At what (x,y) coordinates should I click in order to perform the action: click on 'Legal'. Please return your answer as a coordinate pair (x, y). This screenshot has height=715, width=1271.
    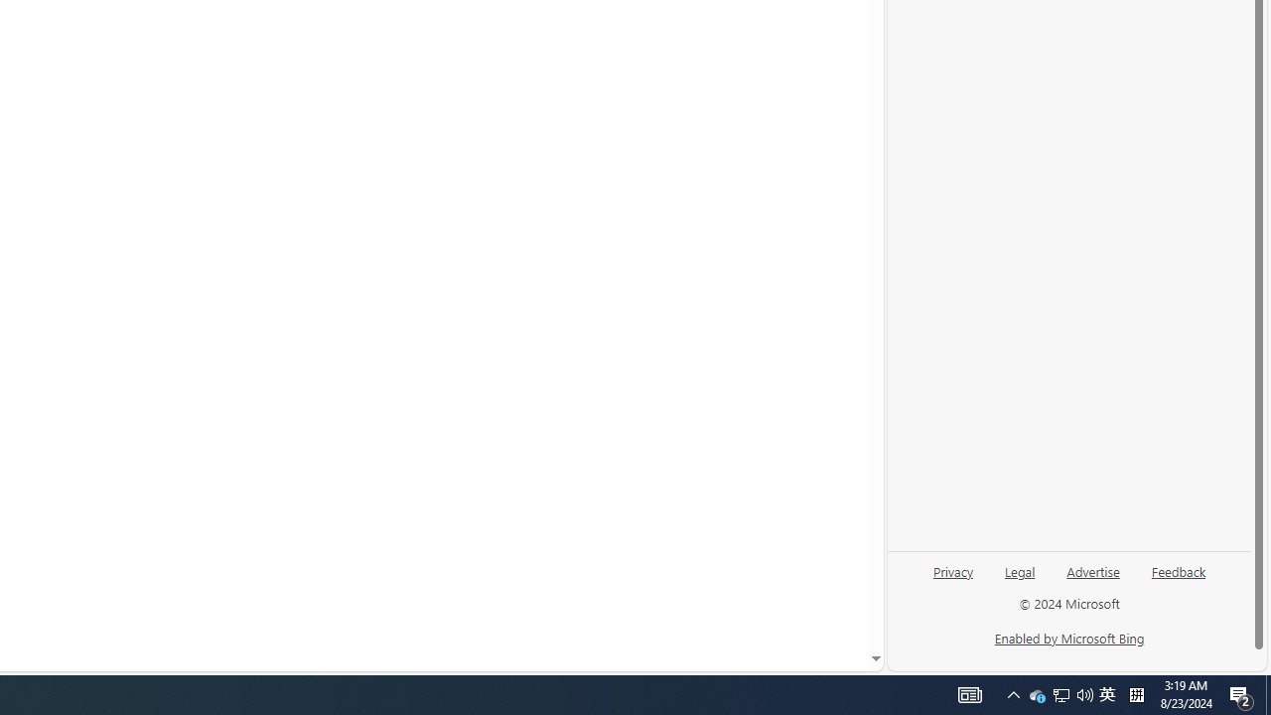
    Looking at the image, I should click on (1020, 570).